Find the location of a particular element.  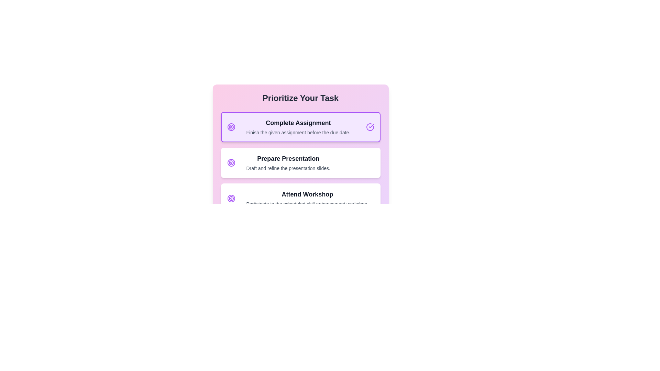

the circular check icon with a purple outline located in the top-right corner of the task box labeled 'Complete Assignment' is located at coordinates (370, 127).